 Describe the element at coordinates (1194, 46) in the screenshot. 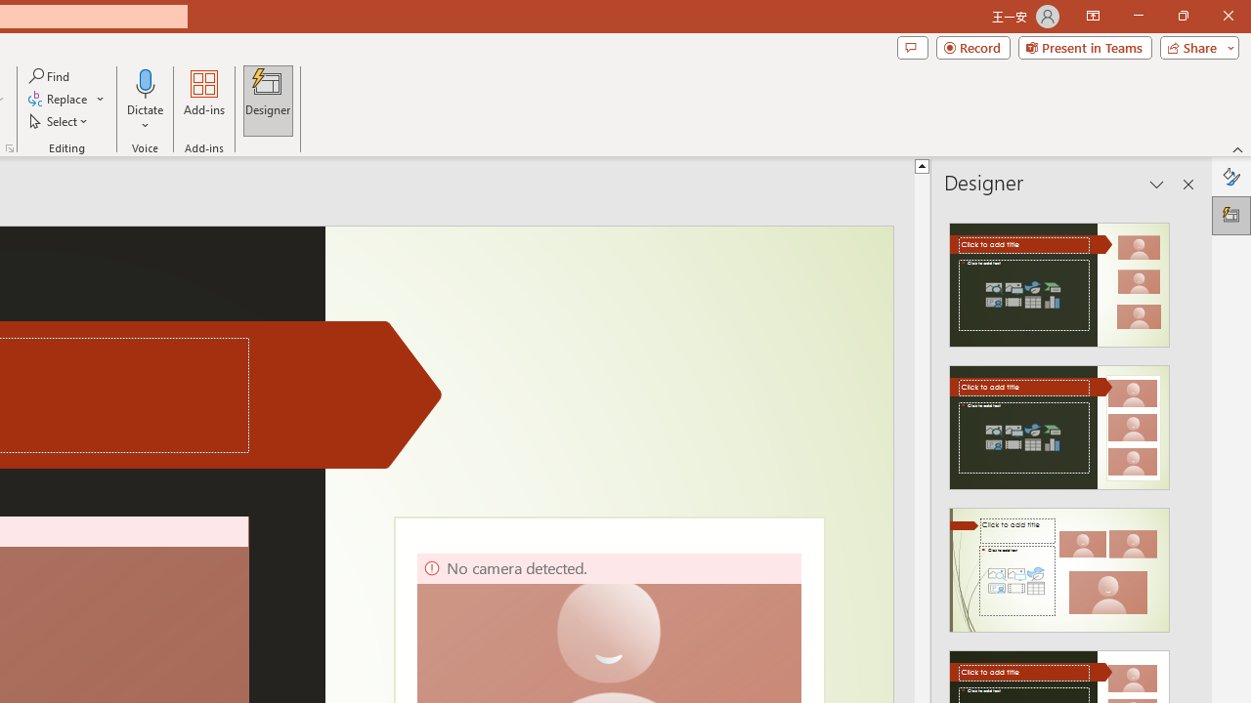

I see `'Share'` at that location.